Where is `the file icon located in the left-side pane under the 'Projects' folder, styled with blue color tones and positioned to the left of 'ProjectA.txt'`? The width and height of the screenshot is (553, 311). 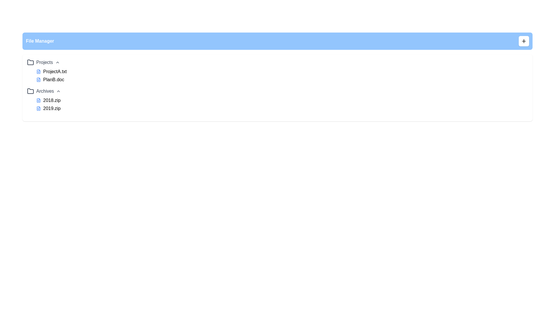
the file icon located in the left-side pane under the 'Projects' folder, styled with blue color tones and positioned to the left of 'ProjectA.txt' is located at coordinates (38, 71).